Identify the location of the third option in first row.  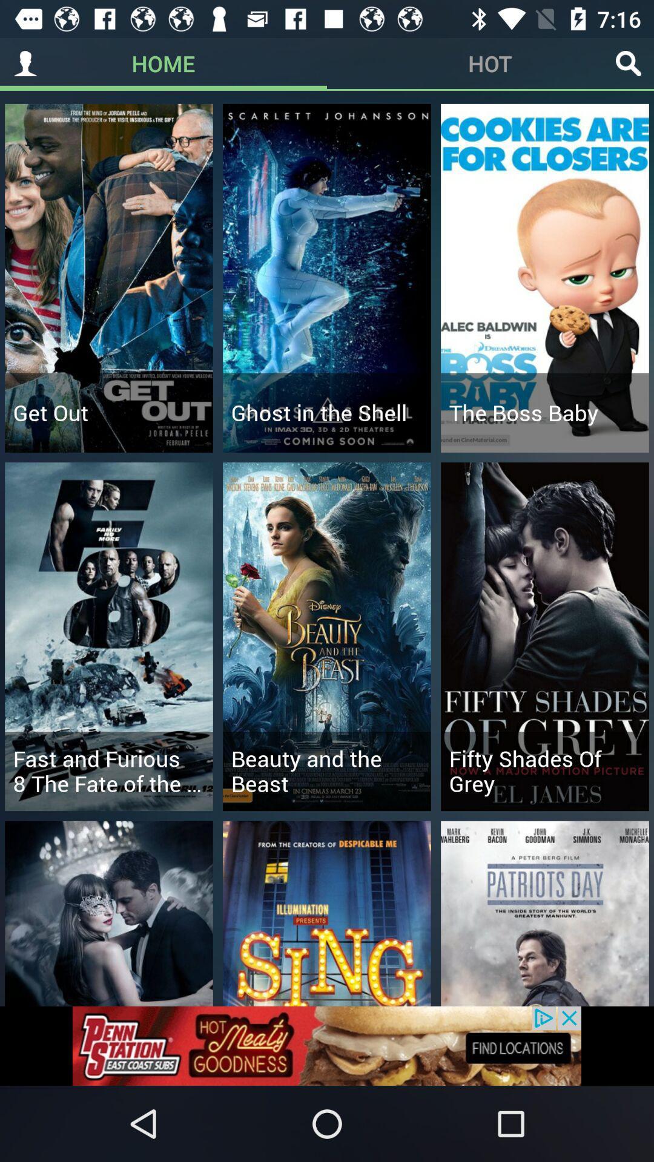
(544, 278).